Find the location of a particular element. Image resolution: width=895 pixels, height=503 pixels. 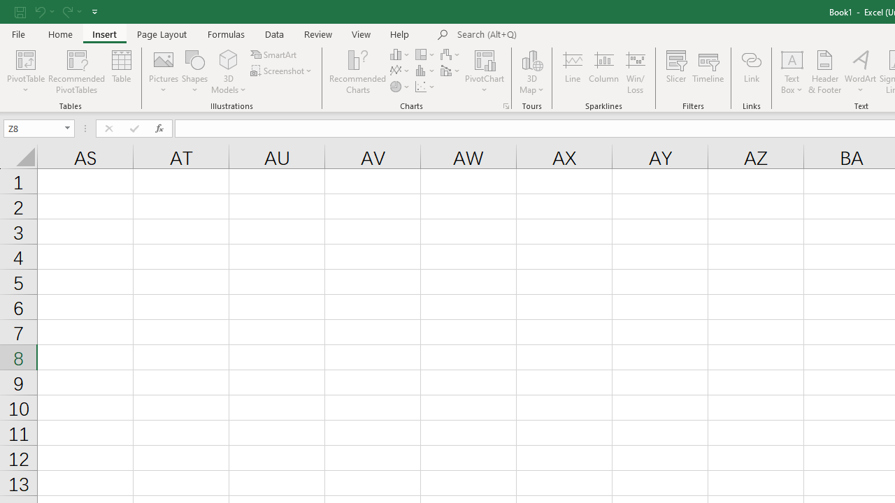

'Link' is located at coordinates (750, 72).